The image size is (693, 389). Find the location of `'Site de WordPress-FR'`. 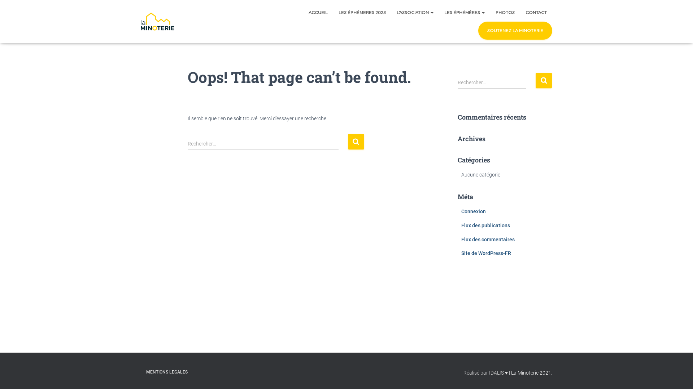

'Site de WordPress-FR' is located at coordinates (486, 252).